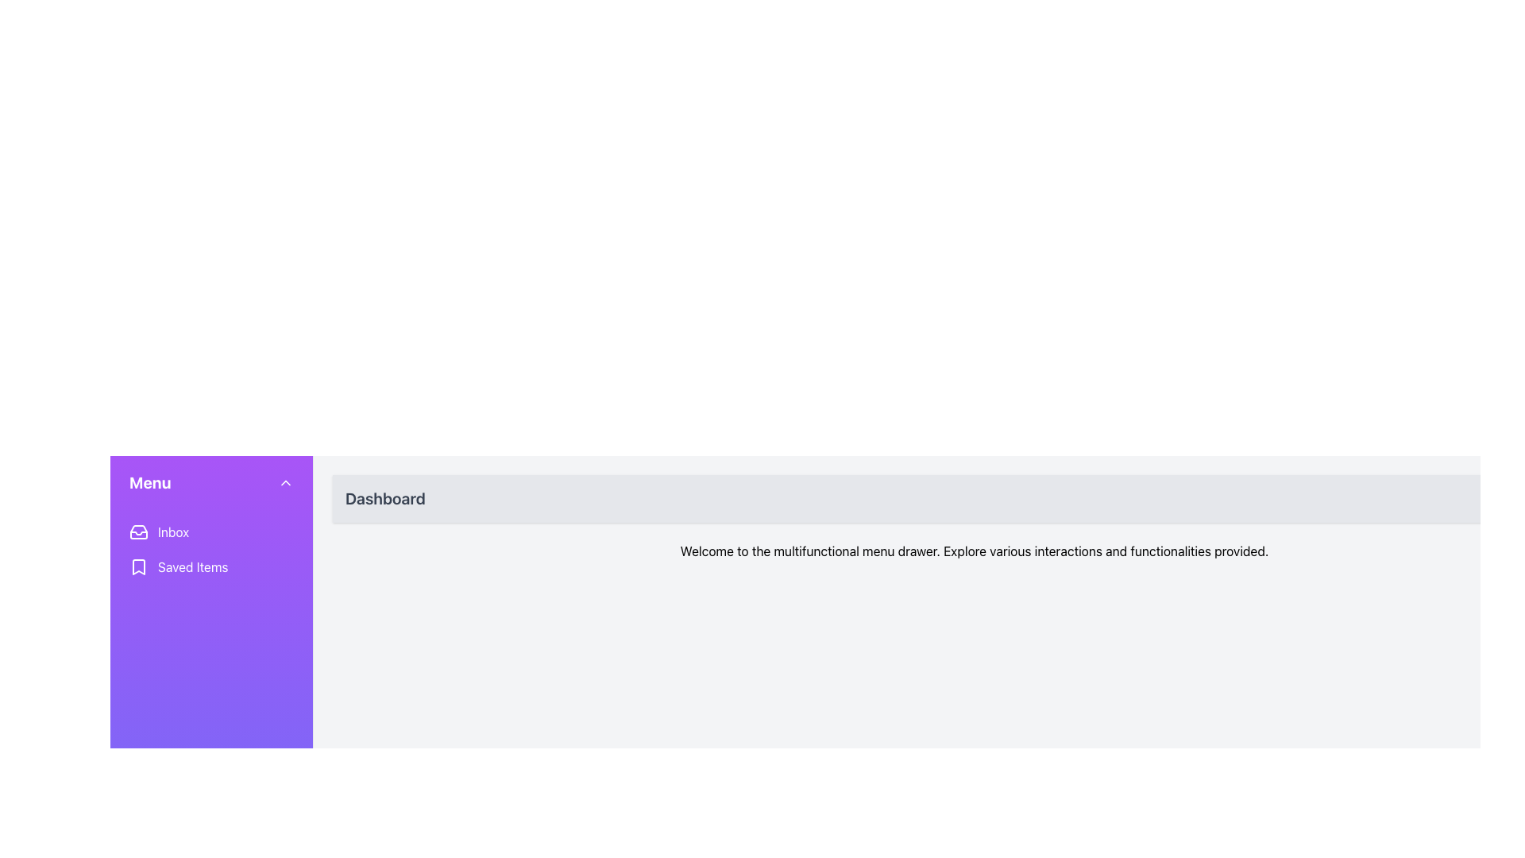  I want to click on the 'Dashboard' text label which is styled in bold, large dark gray font located at the top center of the main content area, so click(385, 498).